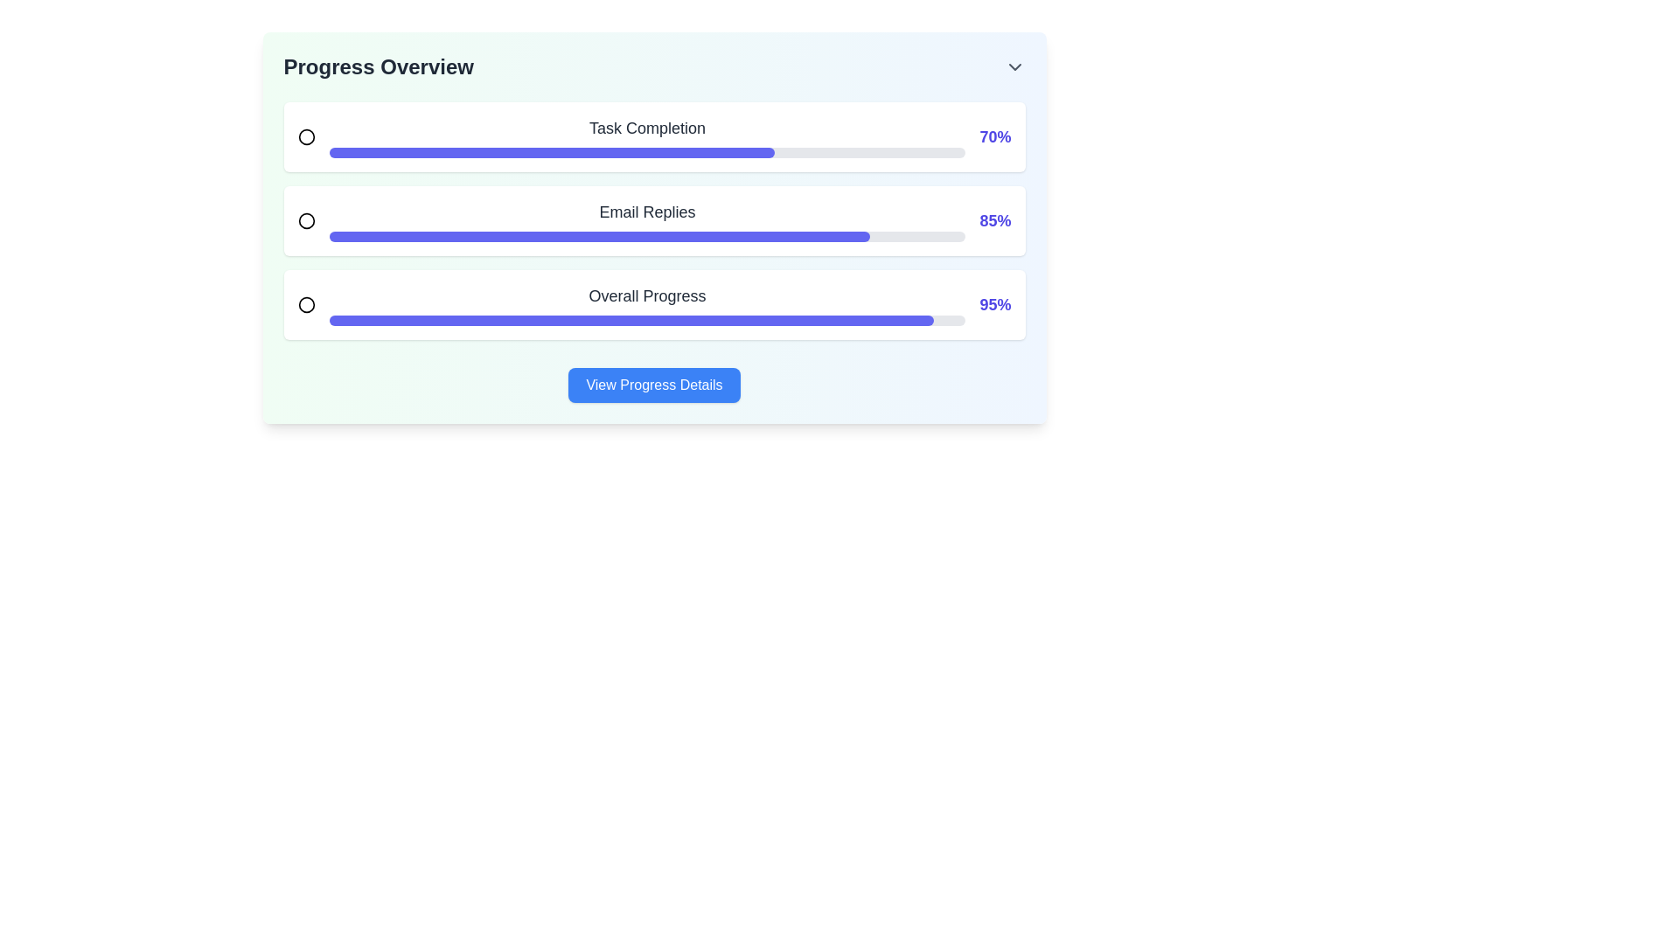  What do you see at coordinates (646, 127) in the screenshot?
I see `the 'Task Completion' text label, which indicates the activity of the associated progress bar located near the top left of the layout` at bounding box center [646, 127].